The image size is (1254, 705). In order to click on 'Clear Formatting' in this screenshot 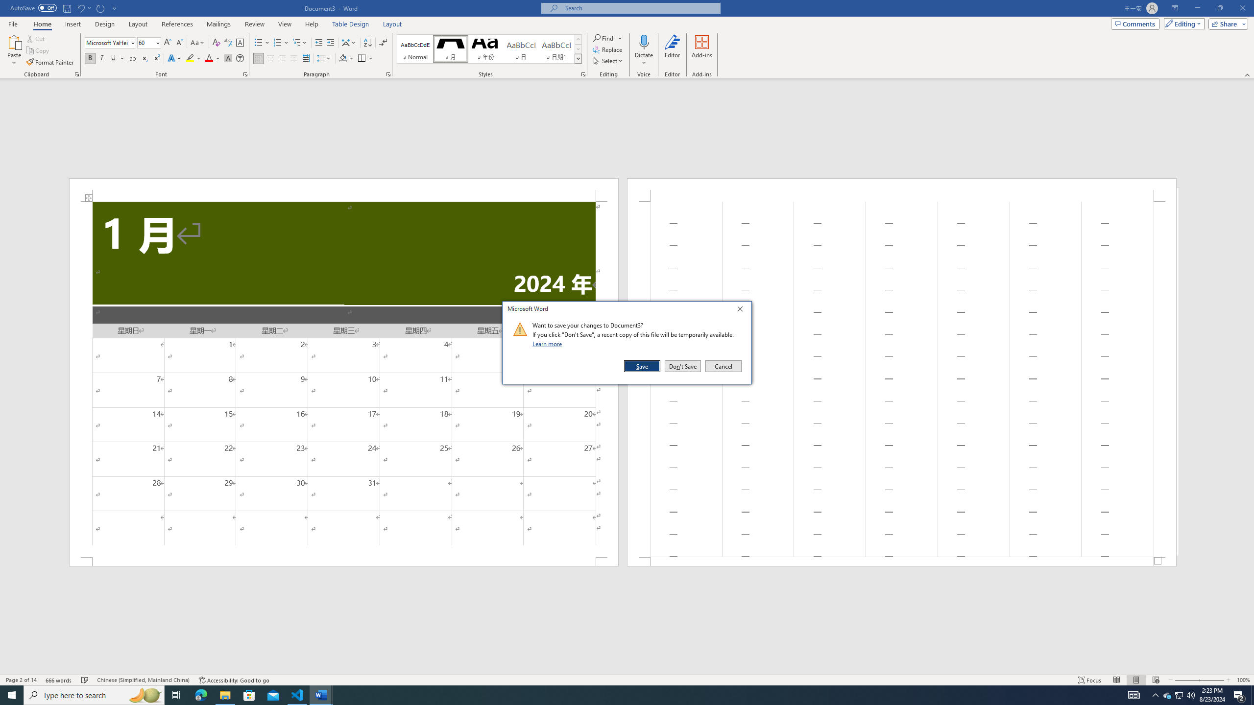, I will do `click(216, 43)`.